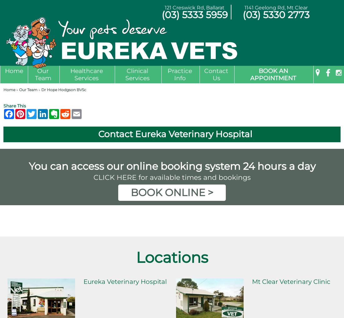 This screenshot has width=344, height=318. What do you see at coordinates (107, 87) in the screenshot?
I see `'Annual Health Check & Consultation'` at bounding box center [107, 87].